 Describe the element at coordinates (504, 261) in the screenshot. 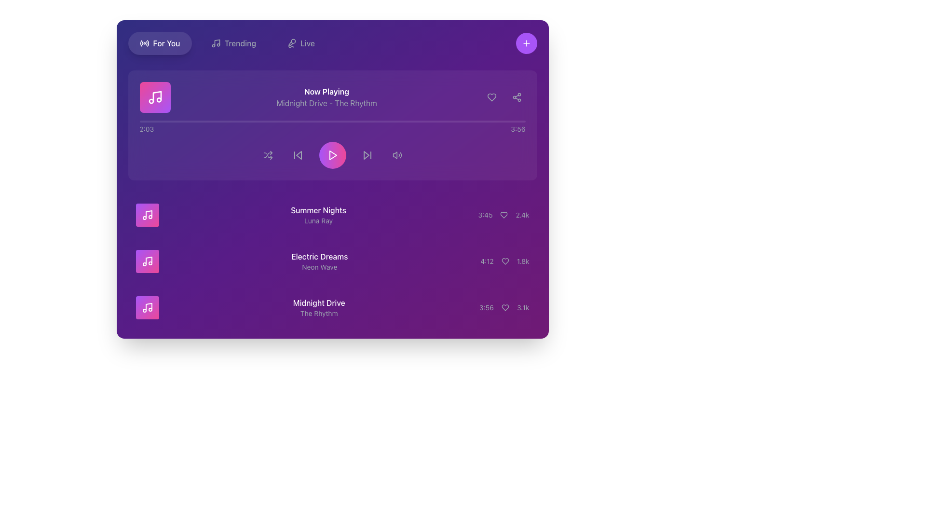

I see `the heart icon on the right side of the second item in the music list to like or unlike the item` at that location.